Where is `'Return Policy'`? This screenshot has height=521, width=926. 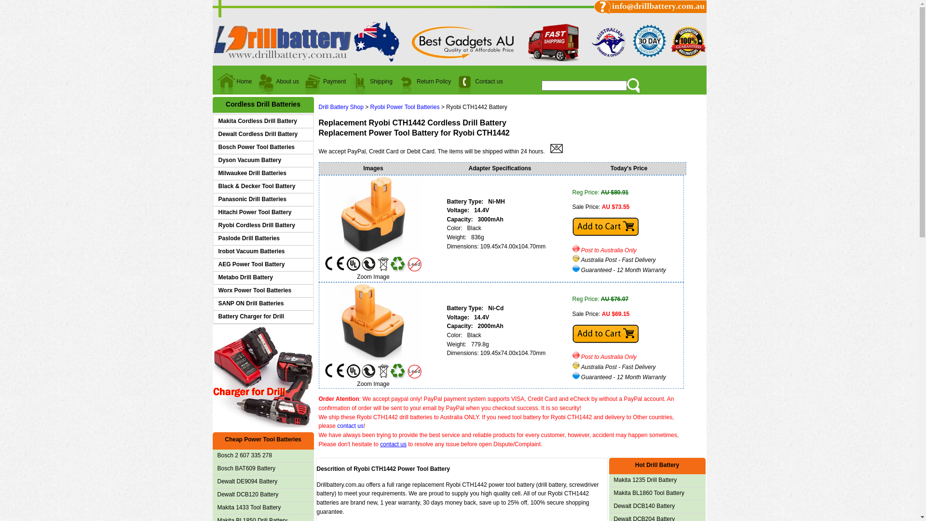 'Return Policy' is located at coordinates (424, 85).